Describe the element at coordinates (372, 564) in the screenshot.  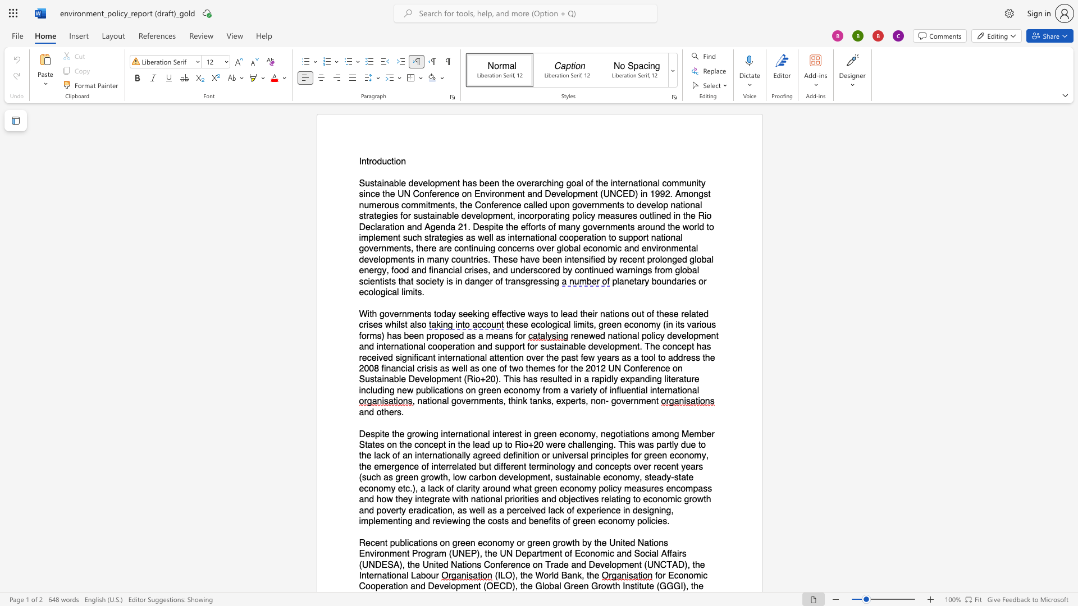
I see `the 4th character "N" in the text` at that location.